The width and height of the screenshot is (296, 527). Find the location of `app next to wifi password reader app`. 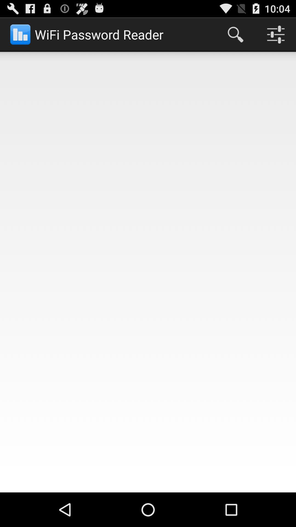

app next to wifi password reader app is located at coordinates (235, 34).